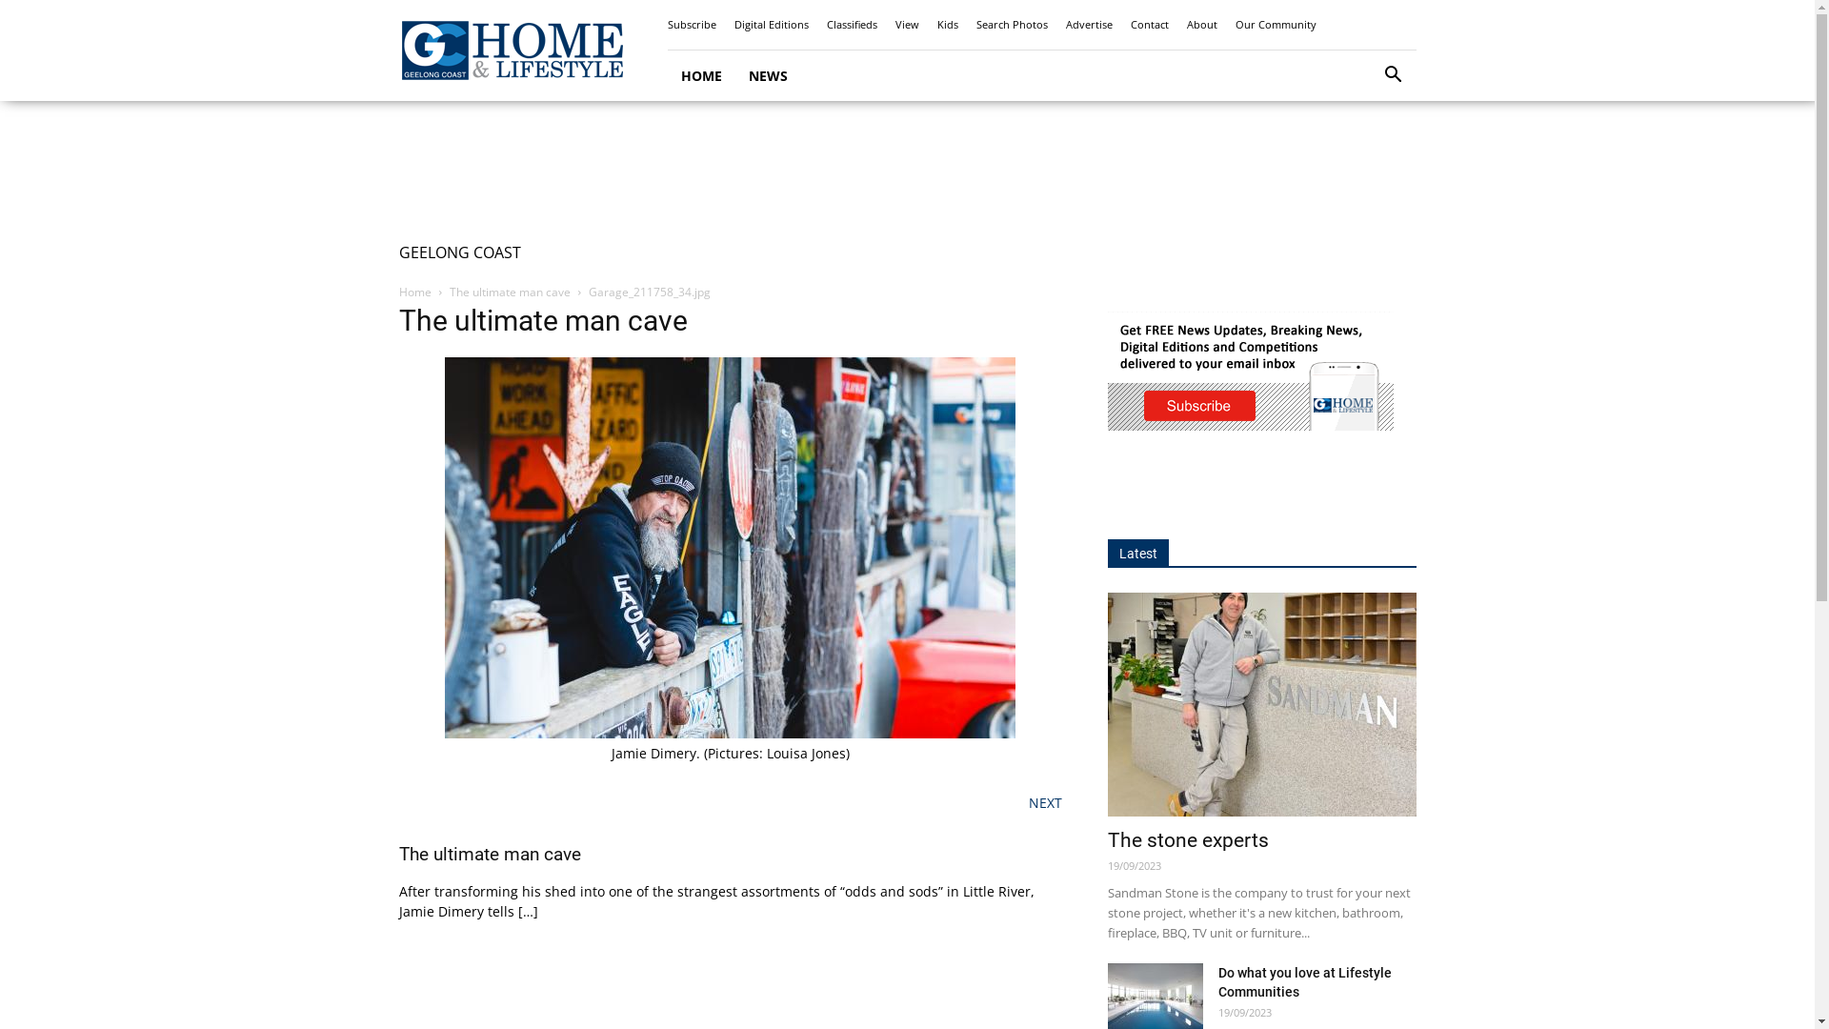 The height and width of the screenshot is (1029, 1829). I want to click on 'Advertise', so click(1088, 24).